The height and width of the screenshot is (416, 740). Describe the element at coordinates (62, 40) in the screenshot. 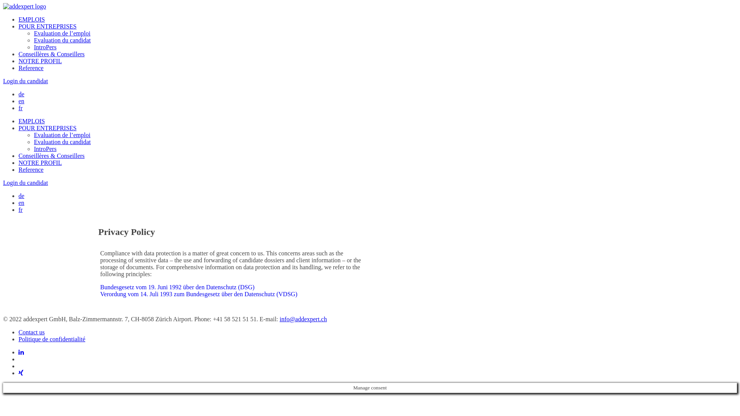

I see `'Evaluation du candidat'` at that location.